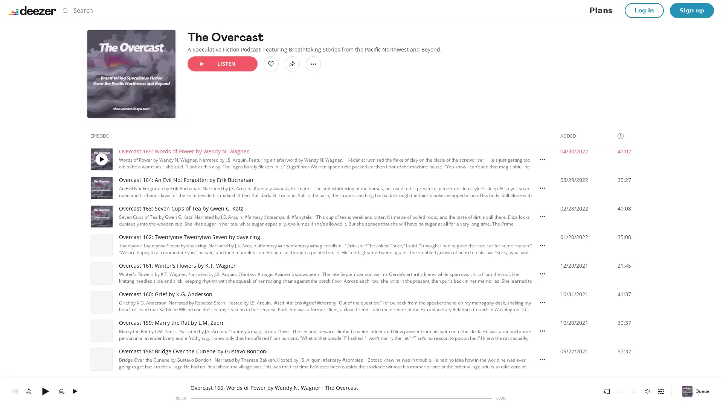 The height and width of the screenshot is (406, 723). I want to click on Add, so click(271, 63).